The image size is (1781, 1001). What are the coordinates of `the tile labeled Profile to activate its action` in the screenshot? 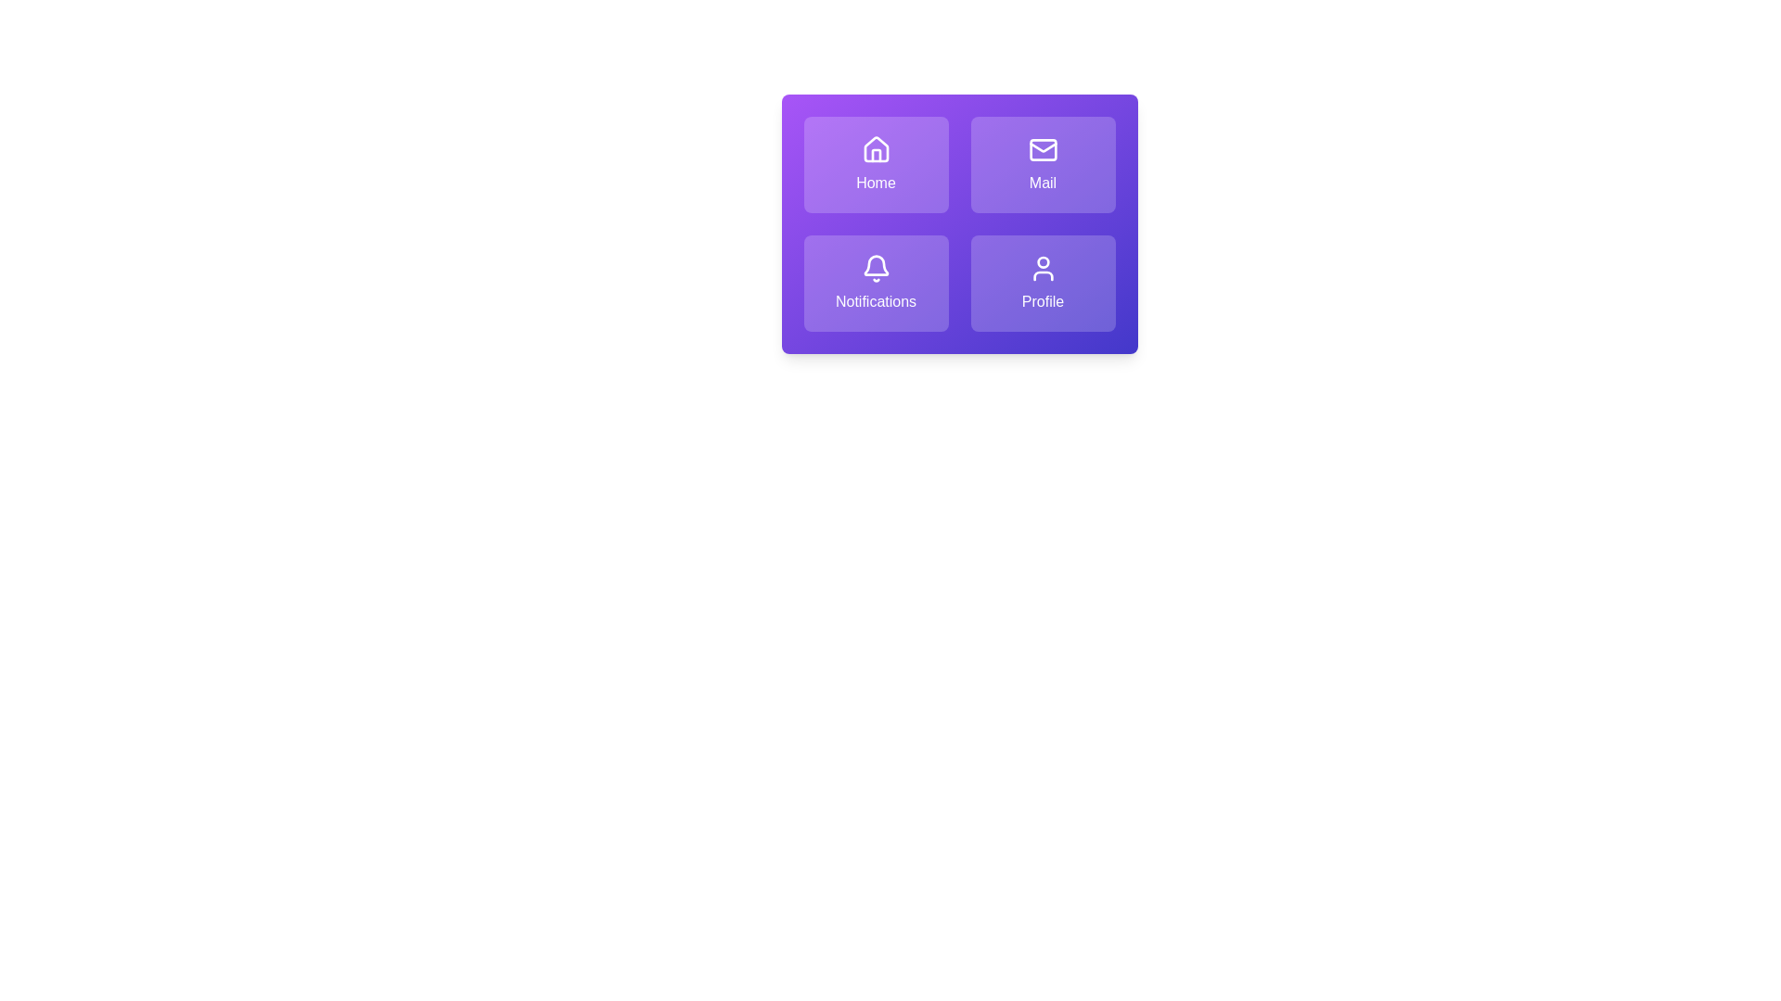 It's located at (1043, 283).